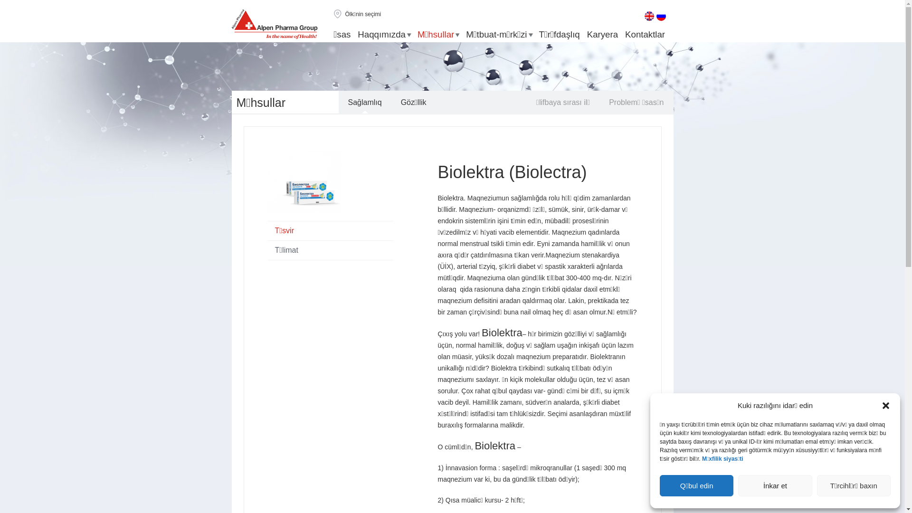  Describe the element at coordinates (625, 34) in the screenshot. I see `'Kontaktlar'` at that location.